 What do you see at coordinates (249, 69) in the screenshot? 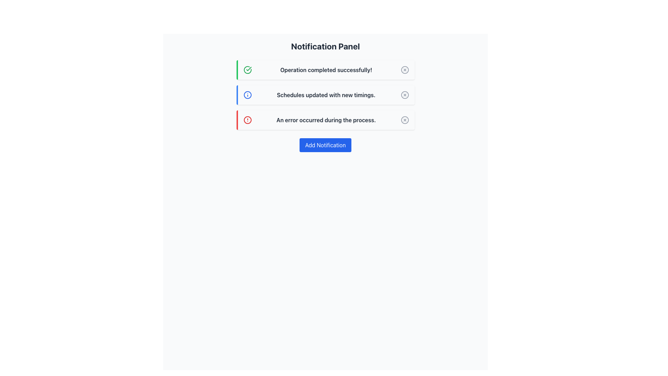
I see `the success status icon located within a circular SVG graphic to the left of the text 'Operation completed successfully!' in the first notification panel entry` at bounding box center [249, 69].